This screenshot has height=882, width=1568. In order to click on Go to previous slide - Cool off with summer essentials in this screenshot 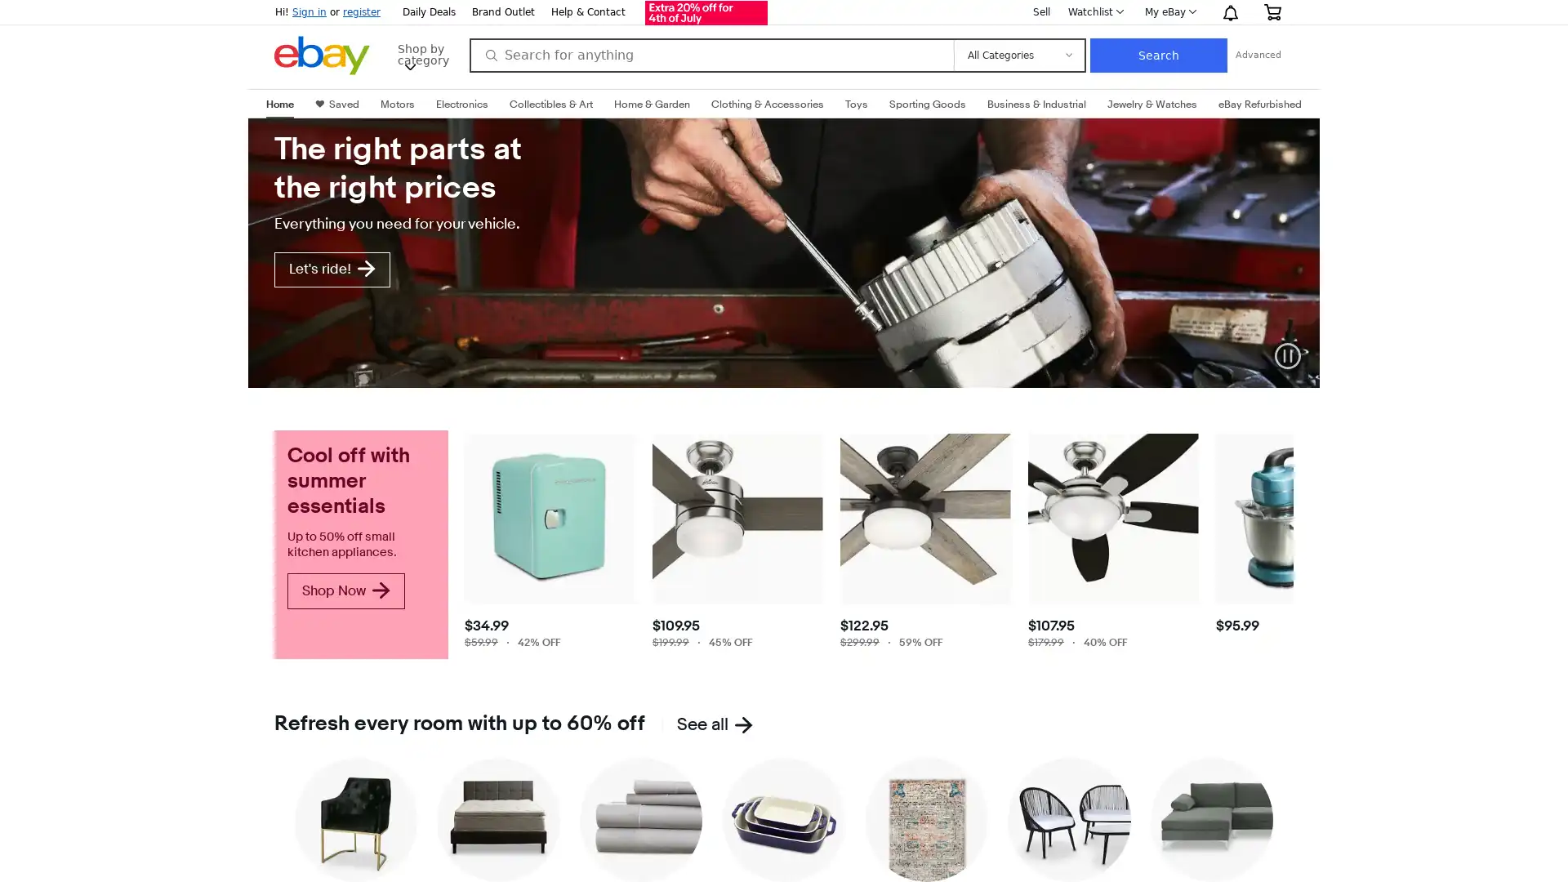, I will do `click(473, 651)`.